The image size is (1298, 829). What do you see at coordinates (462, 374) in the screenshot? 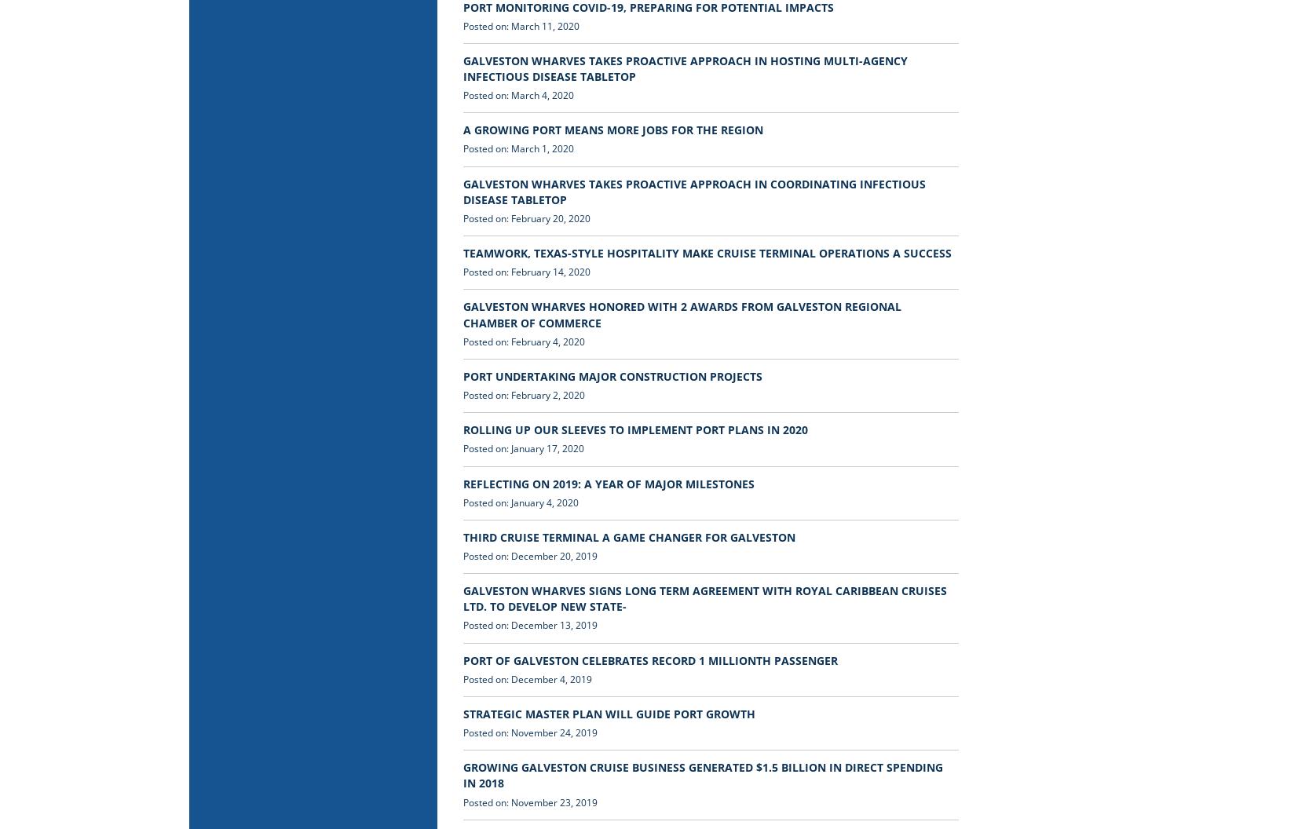
I see `'PORT UNDERTAKING MAJOR CONSTRUCTION PROJECTS'` at bounding box center [462, 374].